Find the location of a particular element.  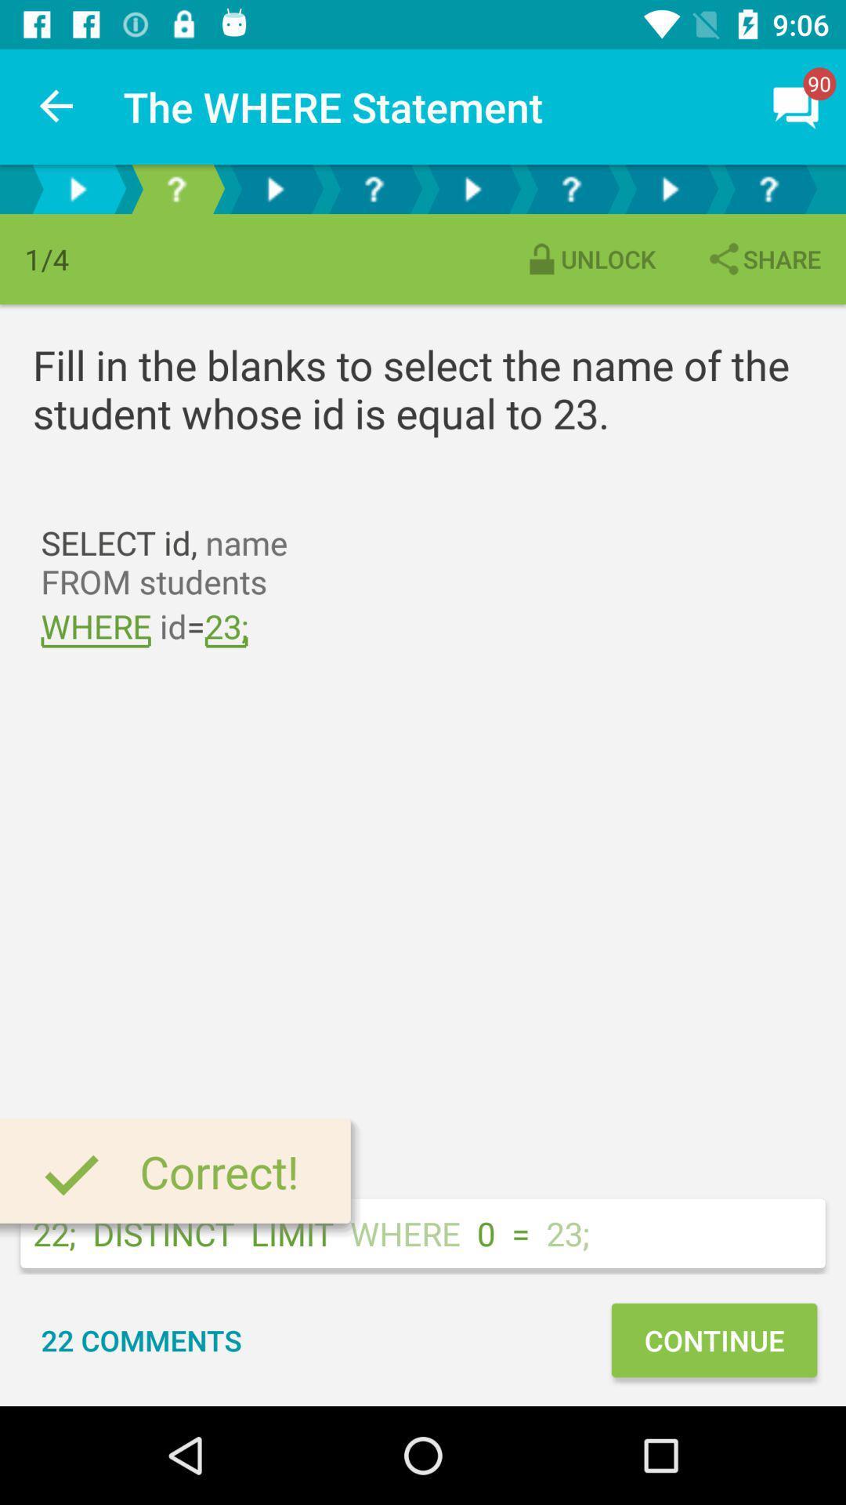

button to select the phase ahead is located at coordinates (767, 188).